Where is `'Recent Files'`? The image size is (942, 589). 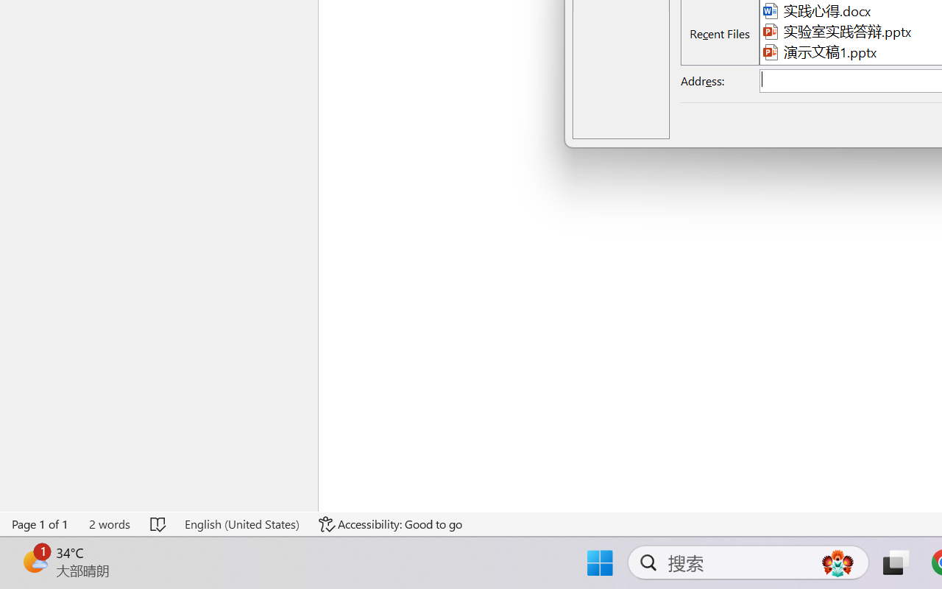 'Recent Files' is located at coordinates (719, 32).